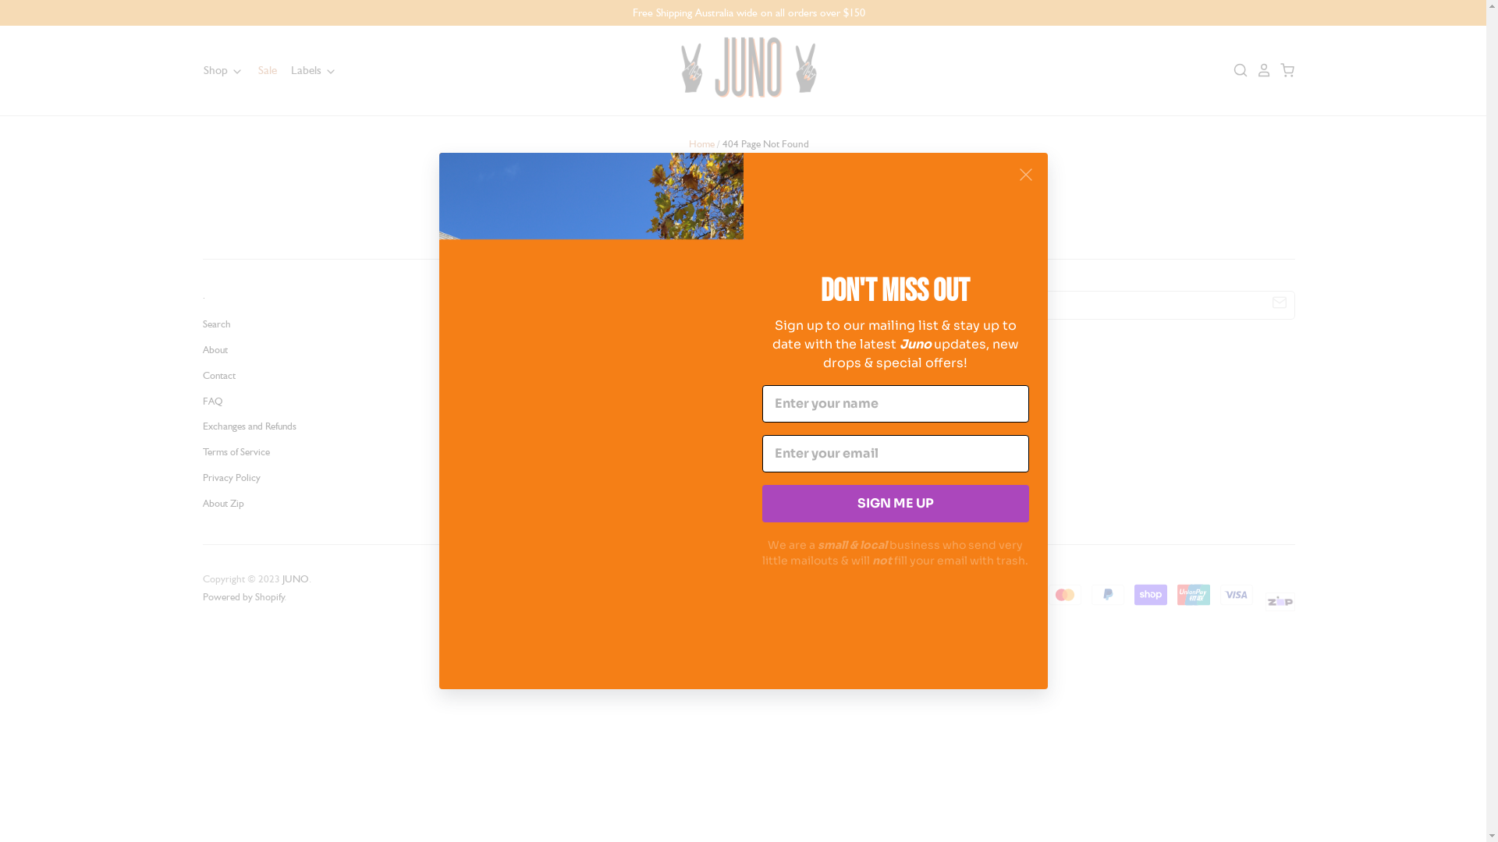 The height and width of the screenshot is (842, 1498). Describe the element at coordinates (235, 451) in the screenshot. I see `'Terms of Service'` at that location.